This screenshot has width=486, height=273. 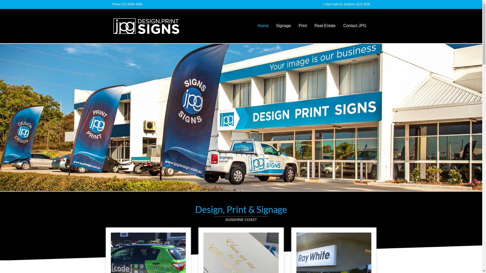 What do you see at coordinates (354, 26) in the screenshot?
I see `'Contact-JPG'` at bounding box center [354, 26].